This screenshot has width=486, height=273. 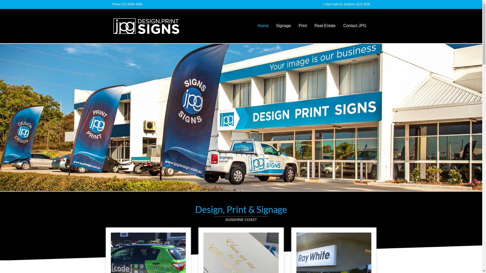 What do you see at coordinates (354, 26) in the screenshot?
I see `'Contact-JPG'` at bounding box center [354, 26].